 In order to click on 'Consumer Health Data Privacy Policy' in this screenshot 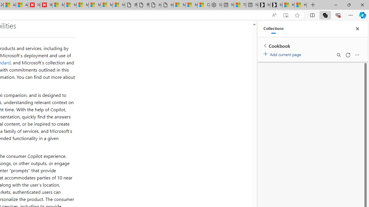, I will do `click(204, 5)`.